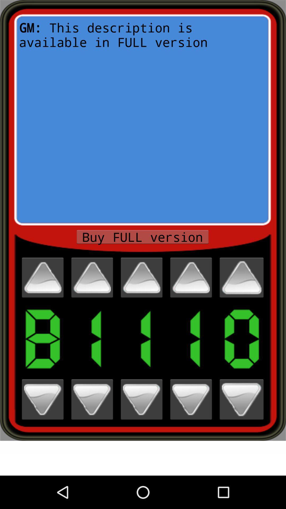 The width and height of the screenshot is (286, 509). What do you see at coordinates (191, 400) in the screenshot?
I see `4th digit down` at bounding box center [191, 400].